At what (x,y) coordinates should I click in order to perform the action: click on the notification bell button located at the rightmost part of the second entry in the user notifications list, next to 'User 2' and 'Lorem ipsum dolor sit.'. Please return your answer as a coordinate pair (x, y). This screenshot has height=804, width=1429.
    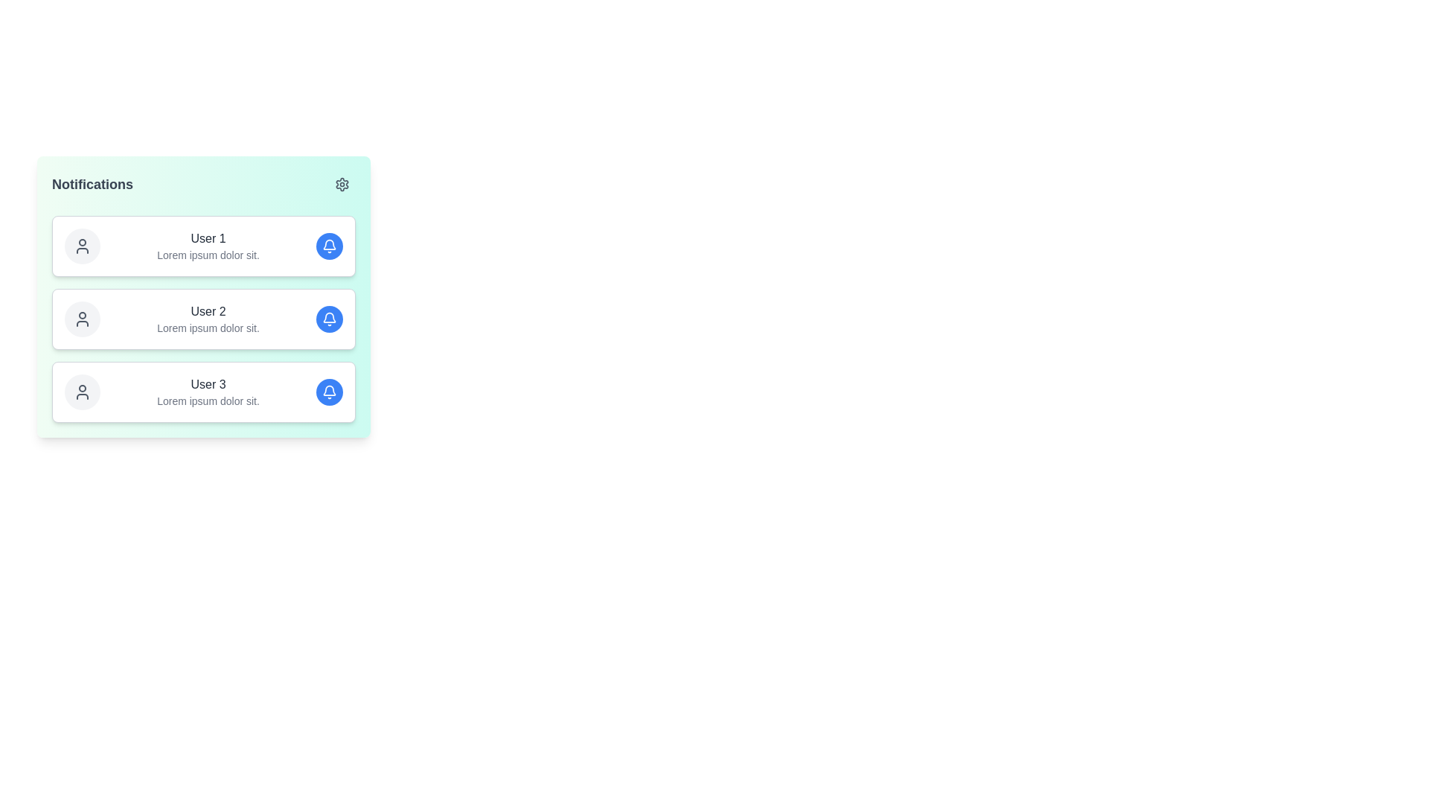
    Looking at the image, I should click on (328, 318).